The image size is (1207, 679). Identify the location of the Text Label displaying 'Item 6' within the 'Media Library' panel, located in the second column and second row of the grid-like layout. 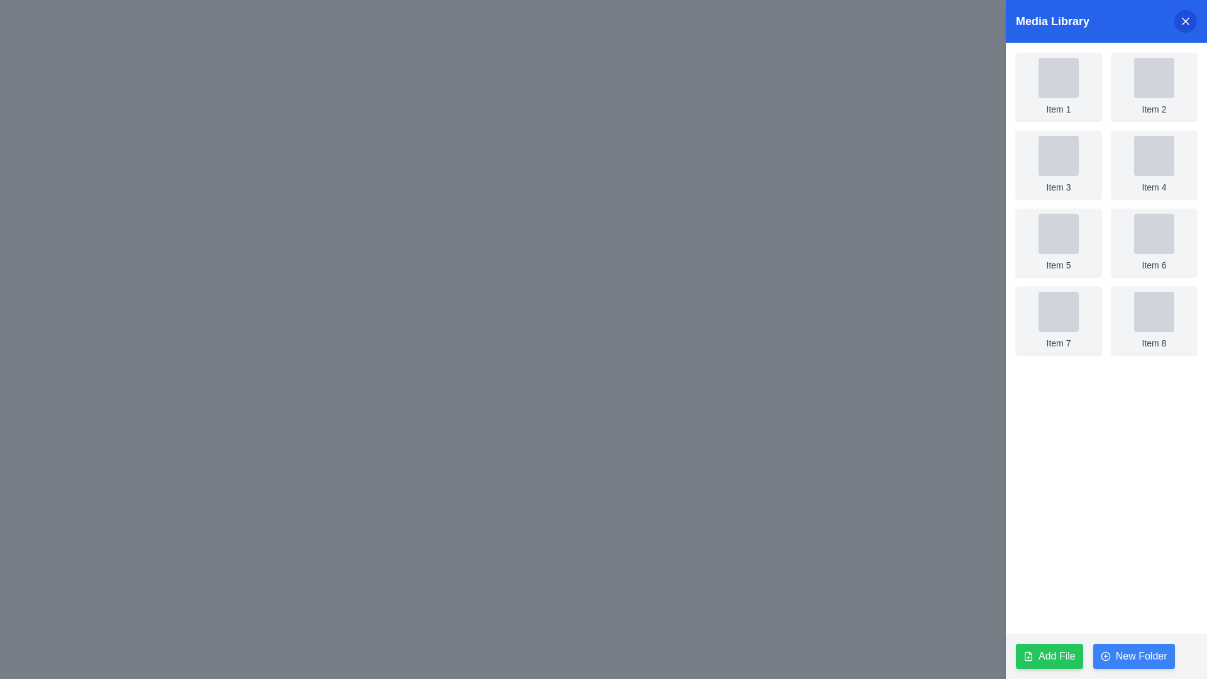
(1154, 264).